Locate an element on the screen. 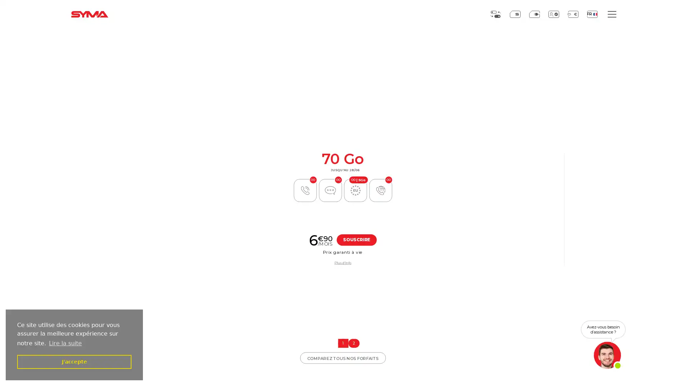 This screenshot has height=386, width=686. dismiss cookie message is located at coordinates (74, 361).